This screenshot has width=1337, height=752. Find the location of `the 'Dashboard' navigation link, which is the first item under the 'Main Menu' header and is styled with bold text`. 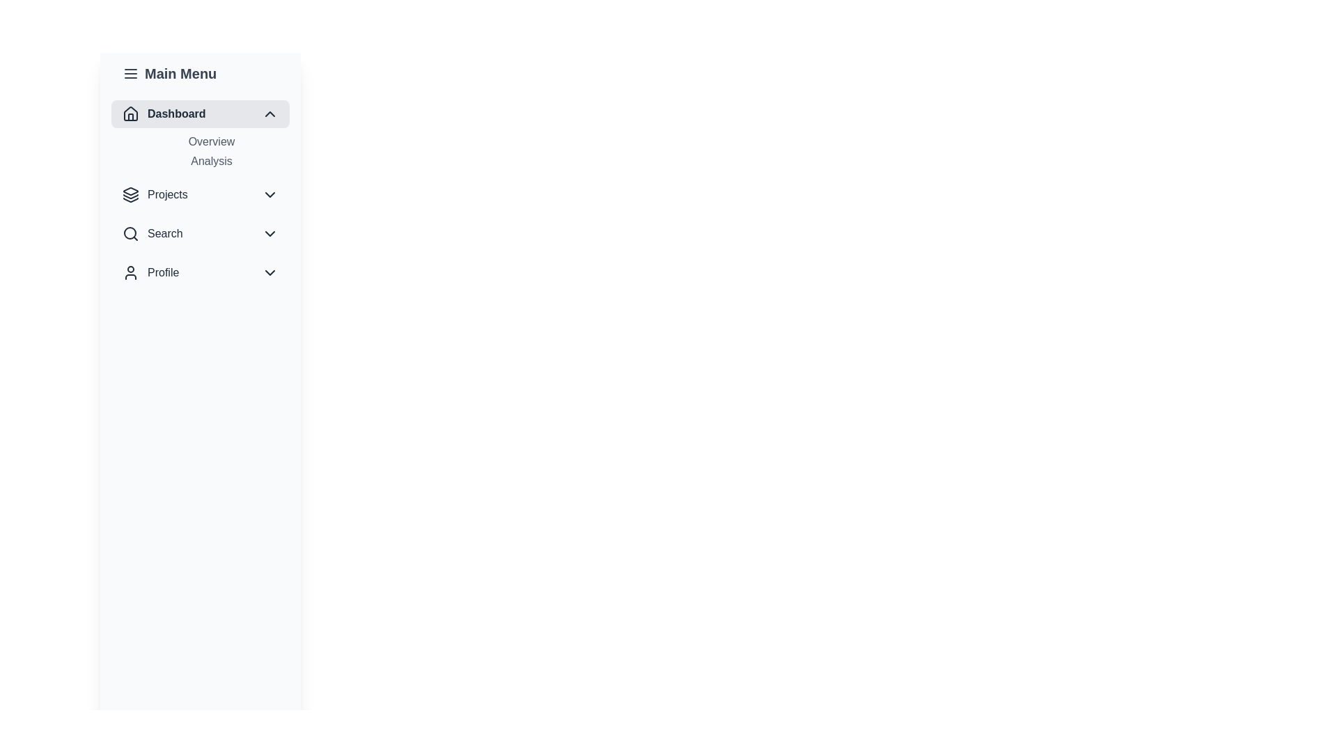

the 'Dashboard' navigation link, which is the first item under the 'Main Menu' header and is styled with bold text is located at coordinates (164, 113).